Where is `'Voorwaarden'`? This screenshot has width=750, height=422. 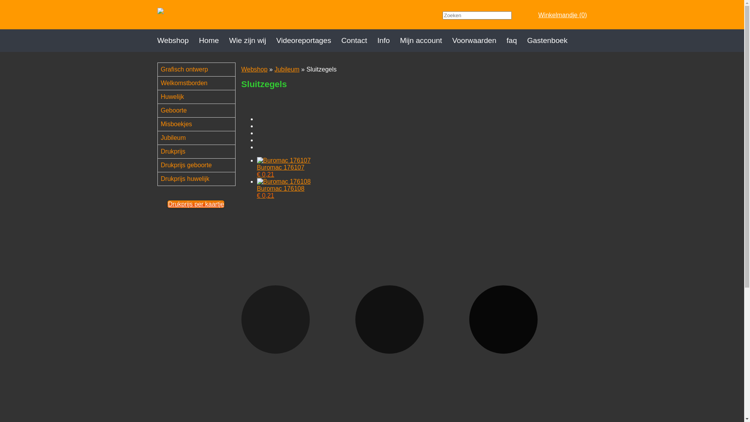 'Voorwaarden' is located at coordinates (479, 41).